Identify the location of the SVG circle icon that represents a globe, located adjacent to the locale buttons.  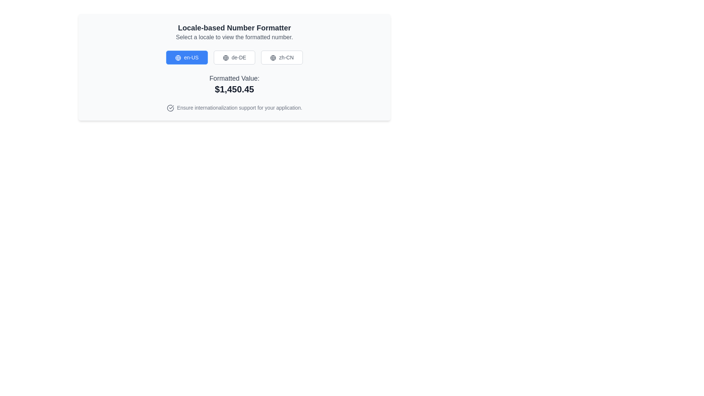
(225, 58).